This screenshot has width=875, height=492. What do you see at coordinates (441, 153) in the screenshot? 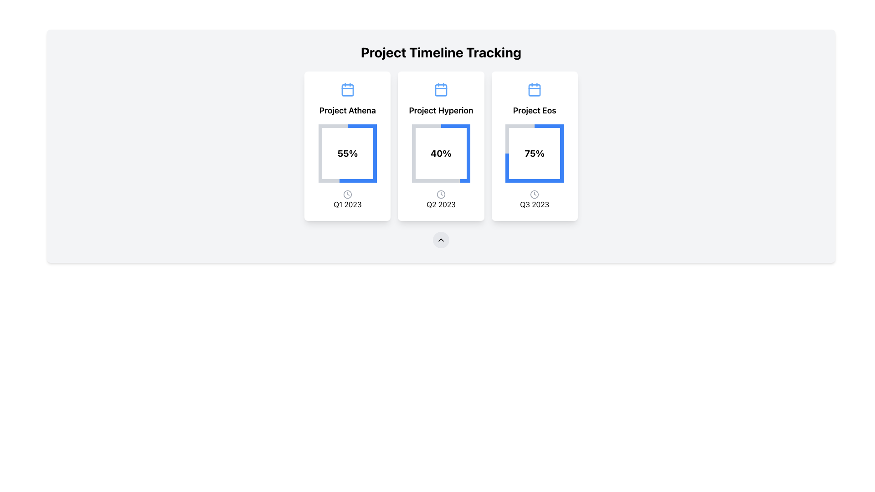
I see `the static text element displaying the completion percentage of 'Project Hyperion', located in the center of the circular chart within the second card under 'Project Timeline Tracking'` at bounding box center [441, 153].